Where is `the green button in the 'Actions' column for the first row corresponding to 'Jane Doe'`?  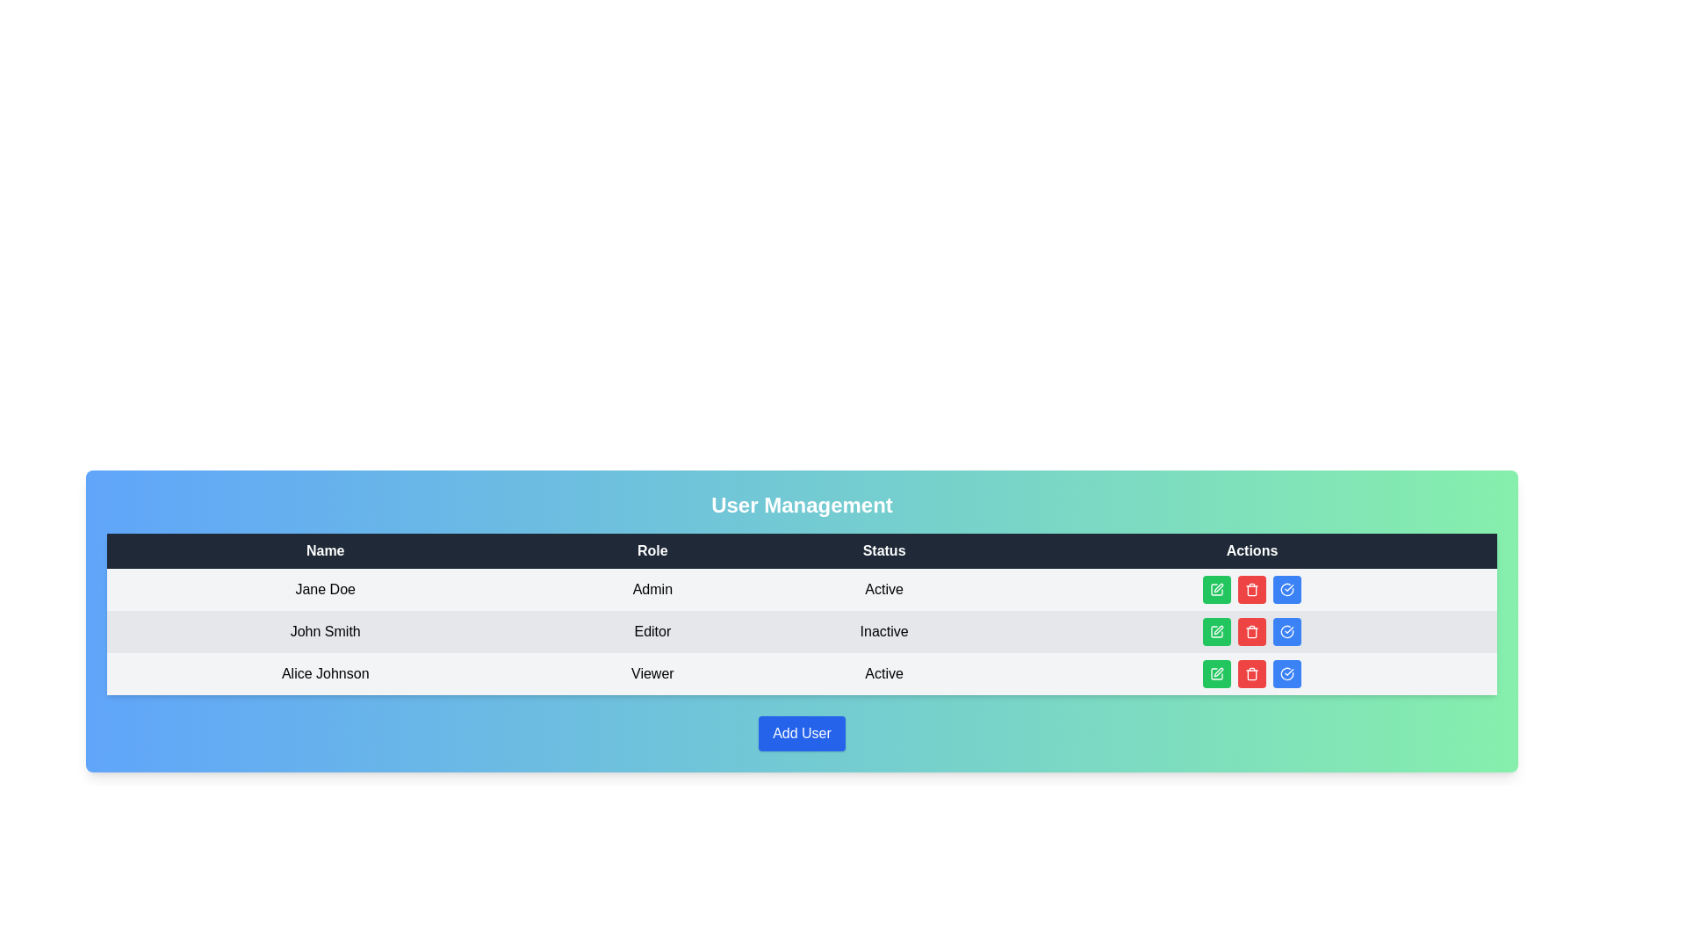
the green button in the 'Actions' column for the first row corresponding to 'Jane Doe' is located at coordinates (1216, 589).